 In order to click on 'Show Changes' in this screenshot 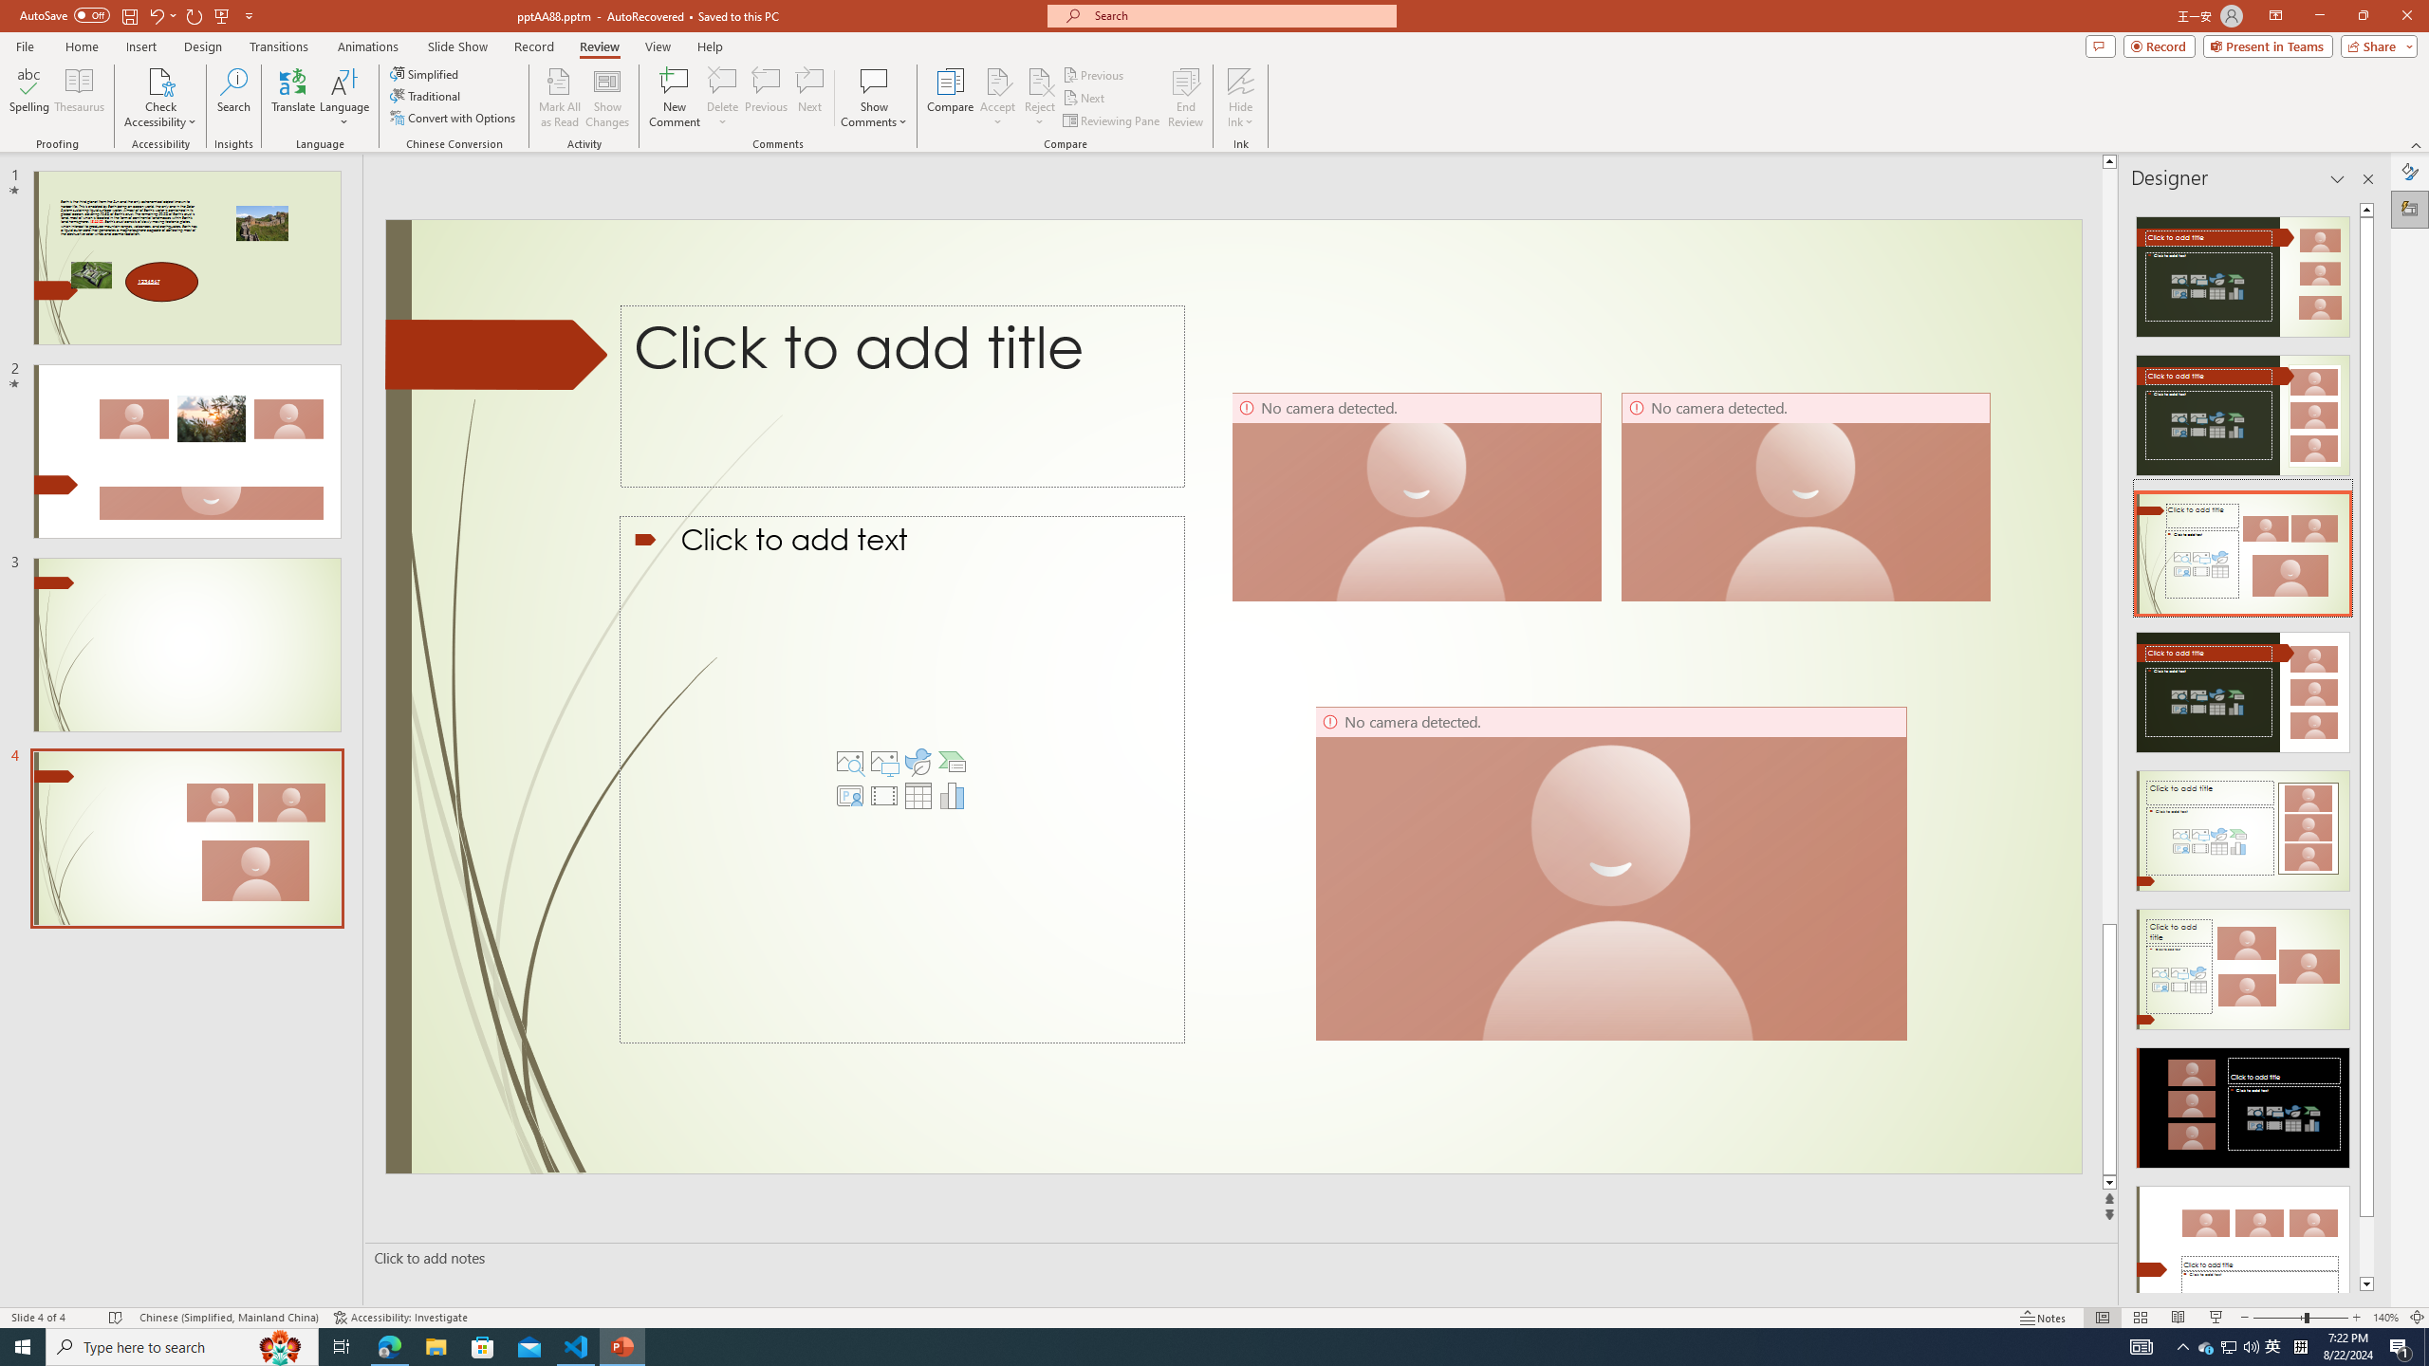, I will do `click(607, 98)`.